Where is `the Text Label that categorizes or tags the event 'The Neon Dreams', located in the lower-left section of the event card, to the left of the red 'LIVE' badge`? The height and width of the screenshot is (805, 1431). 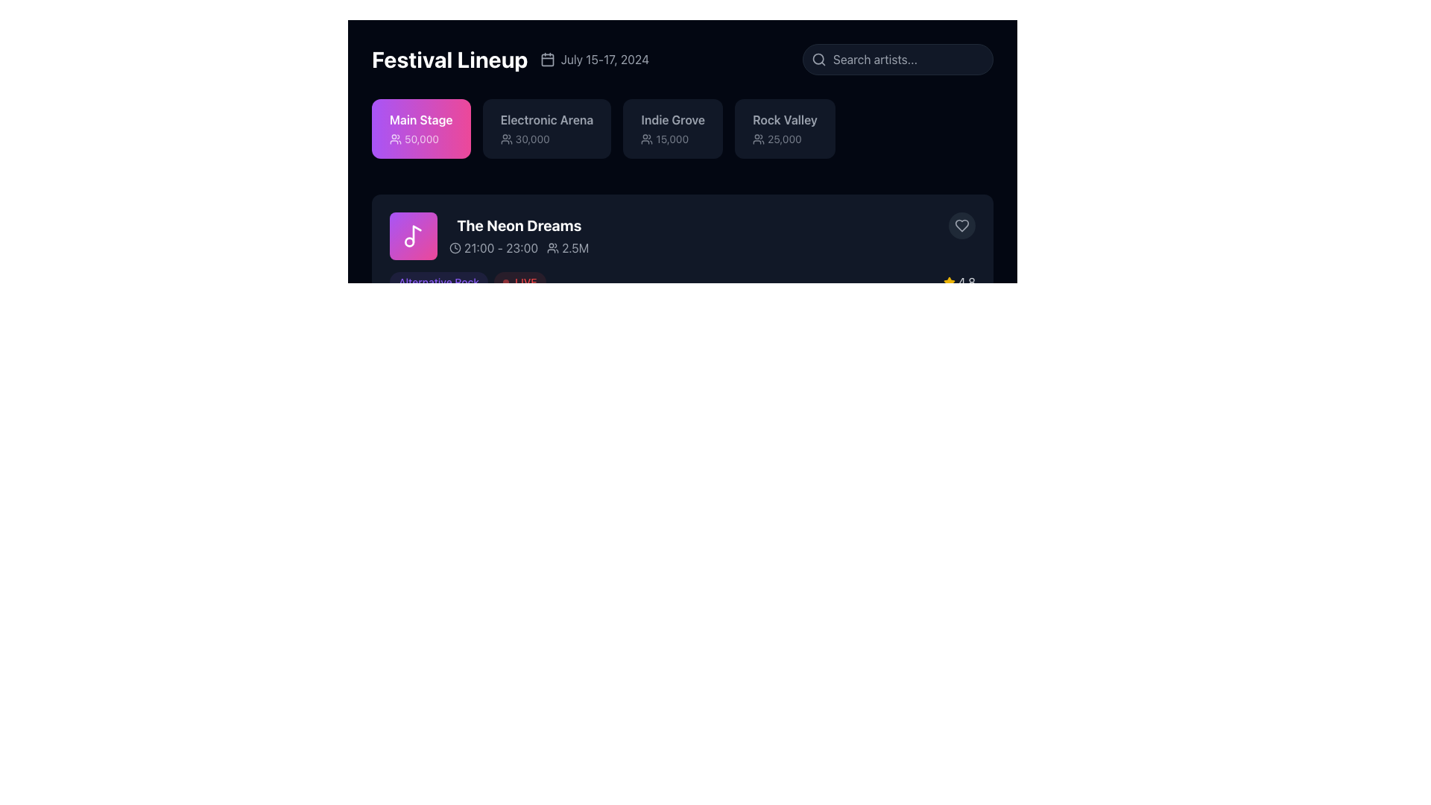 the Text Label that categorizes or tags the event 'The Neon Dreams', located in the lower-left section of the event card, to the left of the red 'LIVE' badge is located at coordinates (438, 282).